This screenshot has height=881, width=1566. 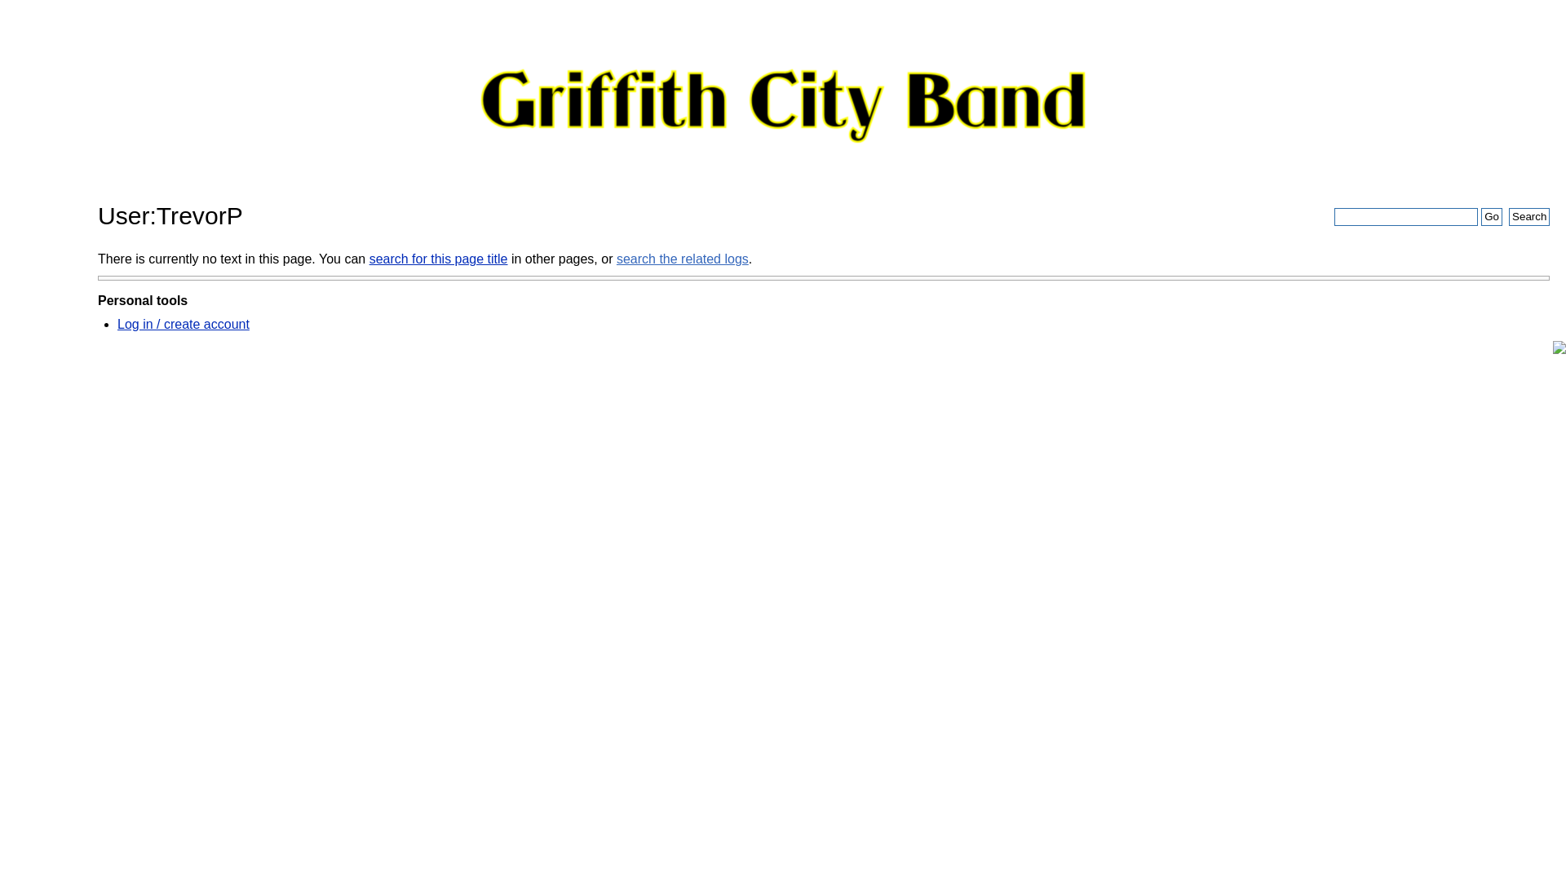 I want to click on 'Go to a page with this exact name if exists', so click(x=1491, y=216).